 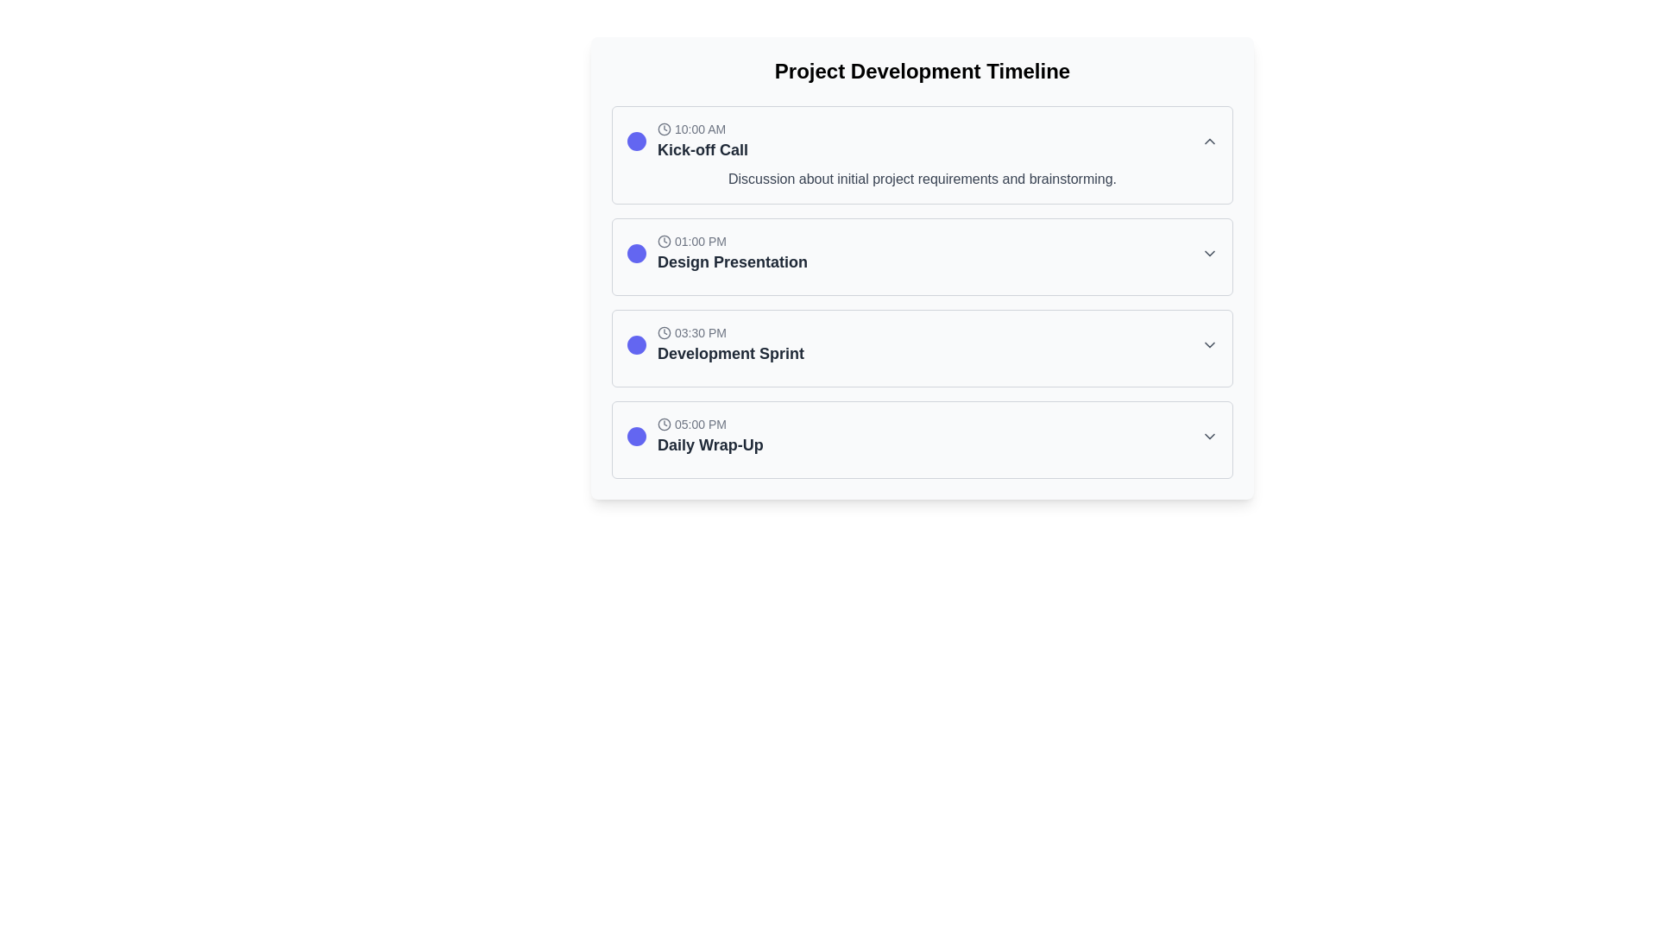 What do you see at coordinates (636, 141) in the screenshot?
I see `the circular status indicator icon for the '10:00 AM Kick-off Call' entry, which is located to the left of the event's textual information` at bounding box center [636, 141].